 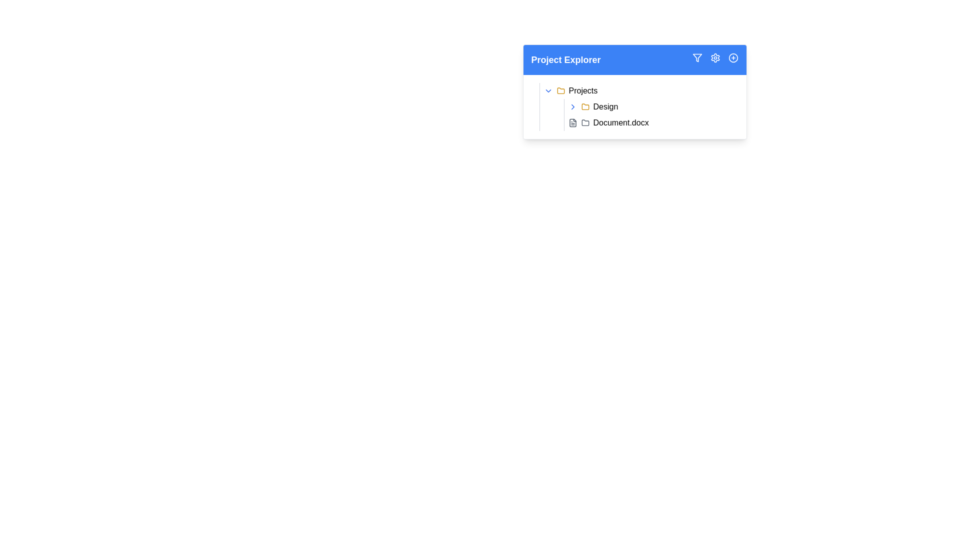 What do you see at coordinates (651, 122) in the screenshot?
I see `the file named 'Document.docx'` at bounding box center [651, 122].